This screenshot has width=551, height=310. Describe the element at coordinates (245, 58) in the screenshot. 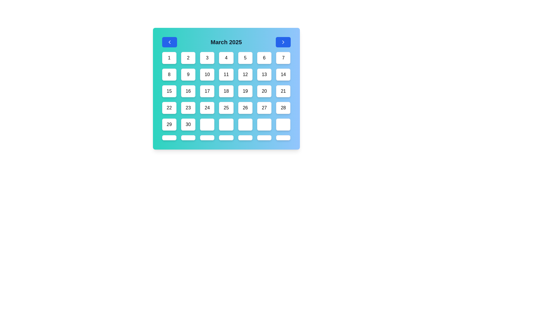

I see `the grid cell representing the fifth day of the month` at that location.